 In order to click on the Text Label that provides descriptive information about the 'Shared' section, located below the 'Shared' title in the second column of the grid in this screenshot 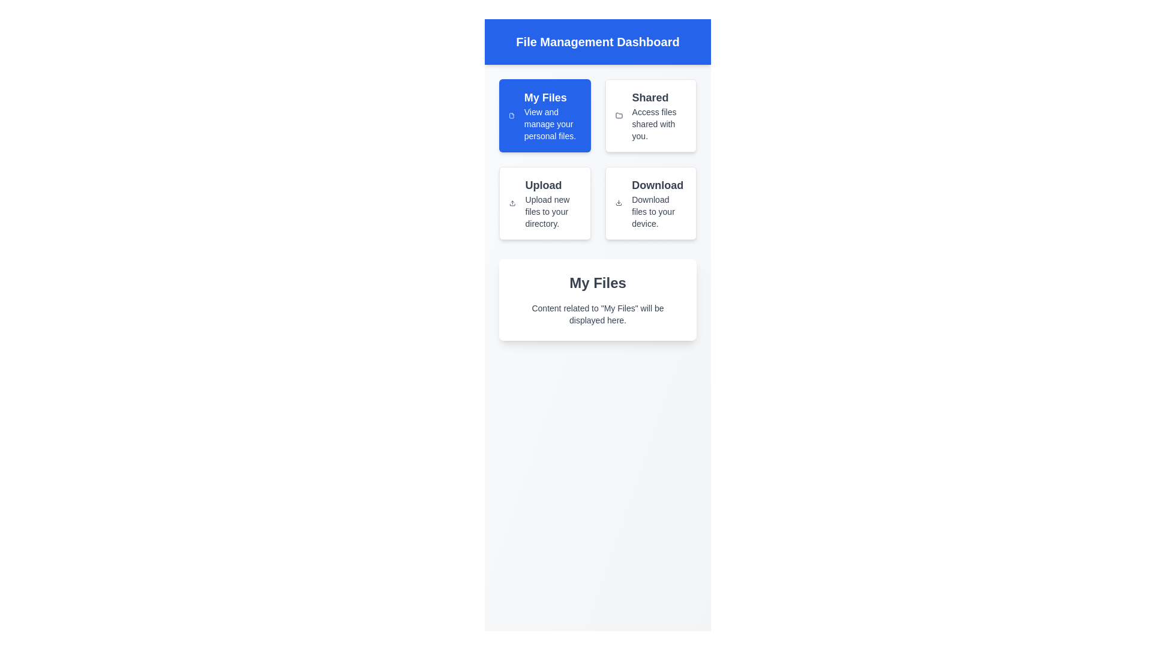, I will do `click(658, 124)`.